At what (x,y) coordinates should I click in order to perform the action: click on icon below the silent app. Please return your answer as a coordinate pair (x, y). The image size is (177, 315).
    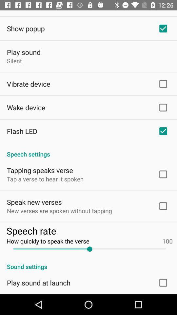
    Looking at the image, I should click on (28, 83).